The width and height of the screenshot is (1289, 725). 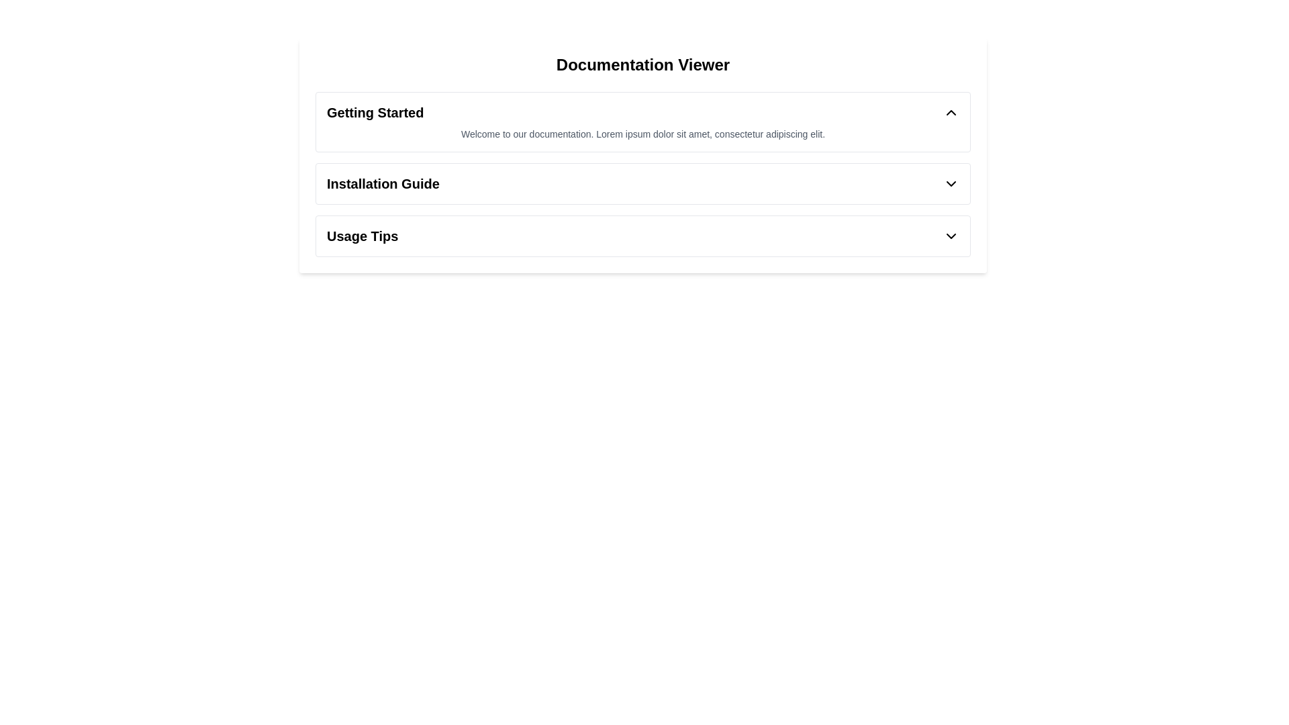 I want to click on the downward-facing chevron toggle, so click(x=950, y=183).